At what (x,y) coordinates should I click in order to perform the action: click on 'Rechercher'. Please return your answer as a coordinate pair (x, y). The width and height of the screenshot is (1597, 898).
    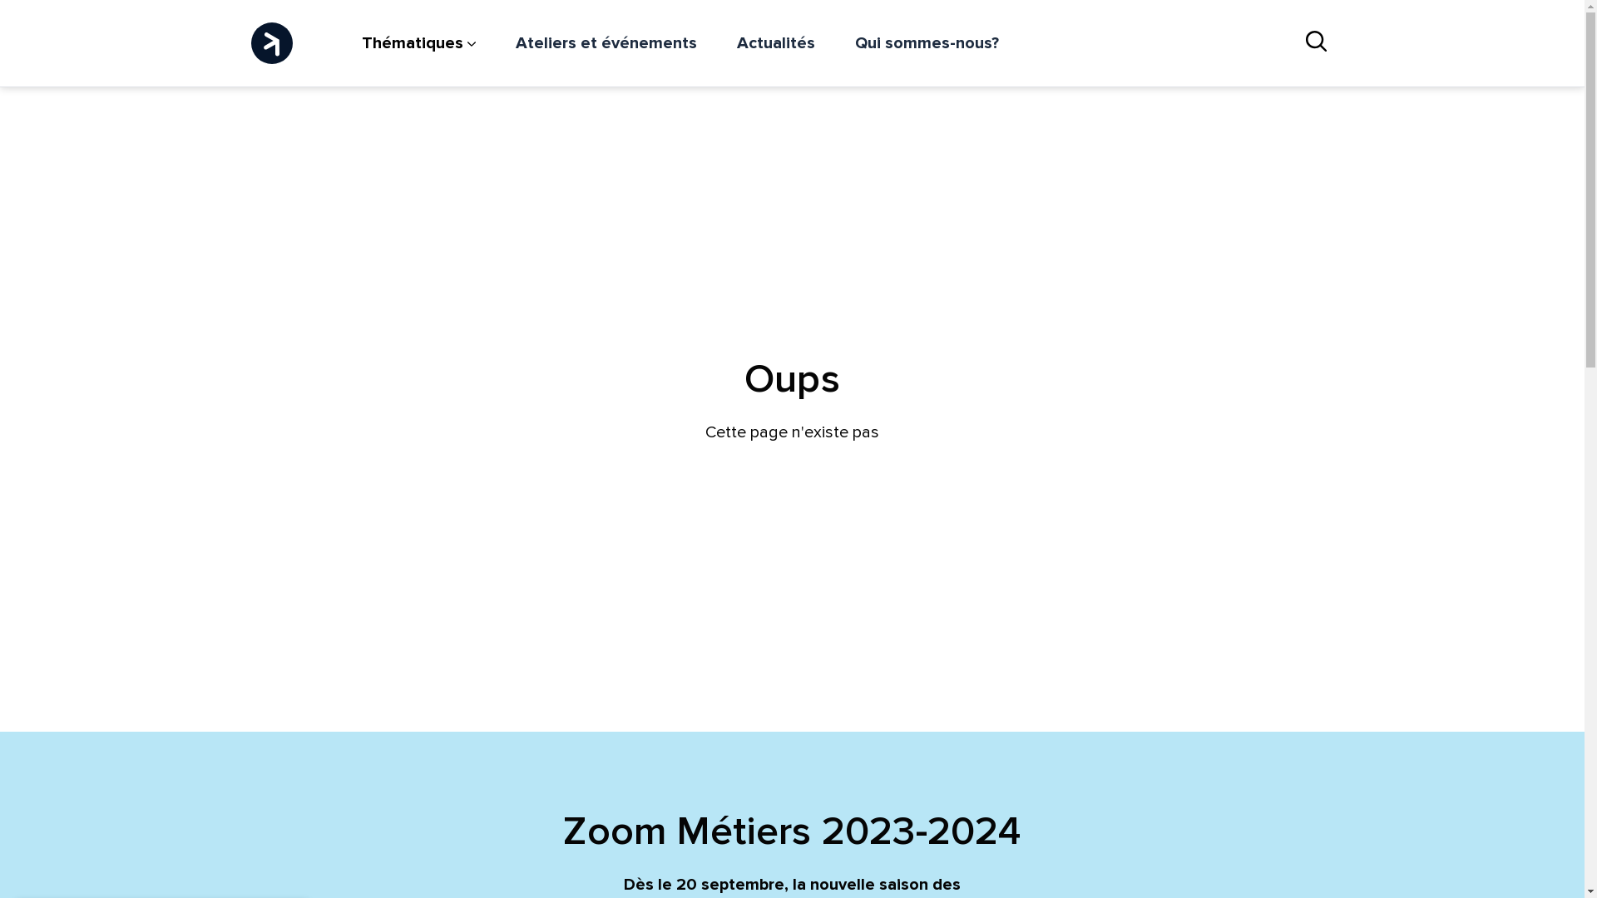
    Looking at the image, I should click on (1315, 42).